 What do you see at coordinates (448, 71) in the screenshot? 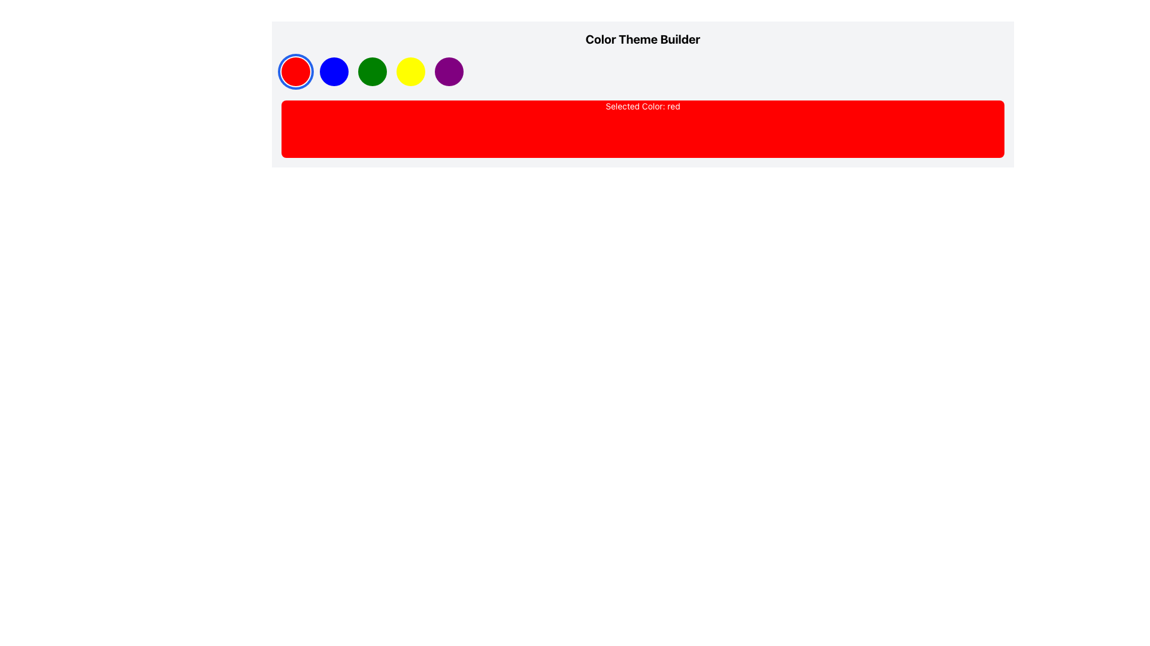
I see `the fifth button in a horizontal row of five buttons, which serves as a color selector` at bounding box center [448, 71].